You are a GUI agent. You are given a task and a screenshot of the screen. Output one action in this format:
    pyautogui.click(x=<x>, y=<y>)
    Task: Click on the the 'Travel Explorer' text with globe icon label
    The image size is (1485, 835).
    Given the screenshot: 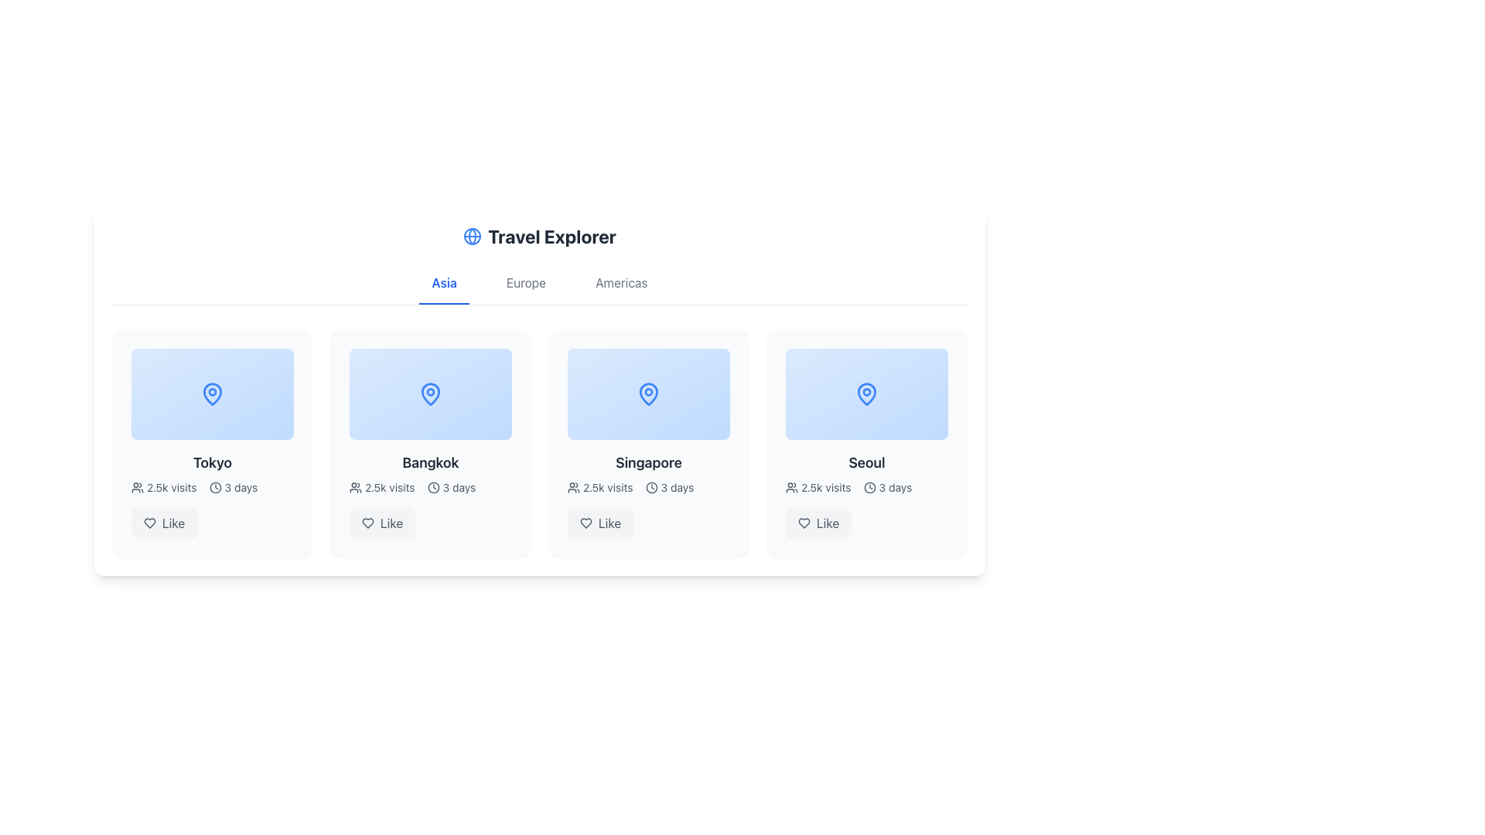 What is the action you would take?
    pyautogui.click(x=539, y=236)
    